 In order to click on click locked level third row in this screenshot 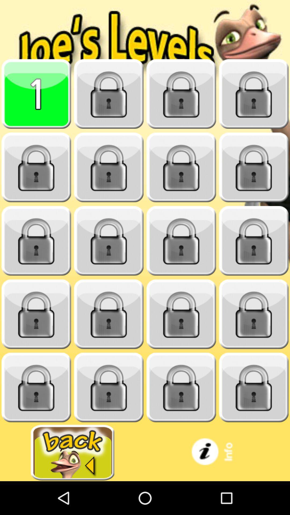, I will do `click(36, 241)`.